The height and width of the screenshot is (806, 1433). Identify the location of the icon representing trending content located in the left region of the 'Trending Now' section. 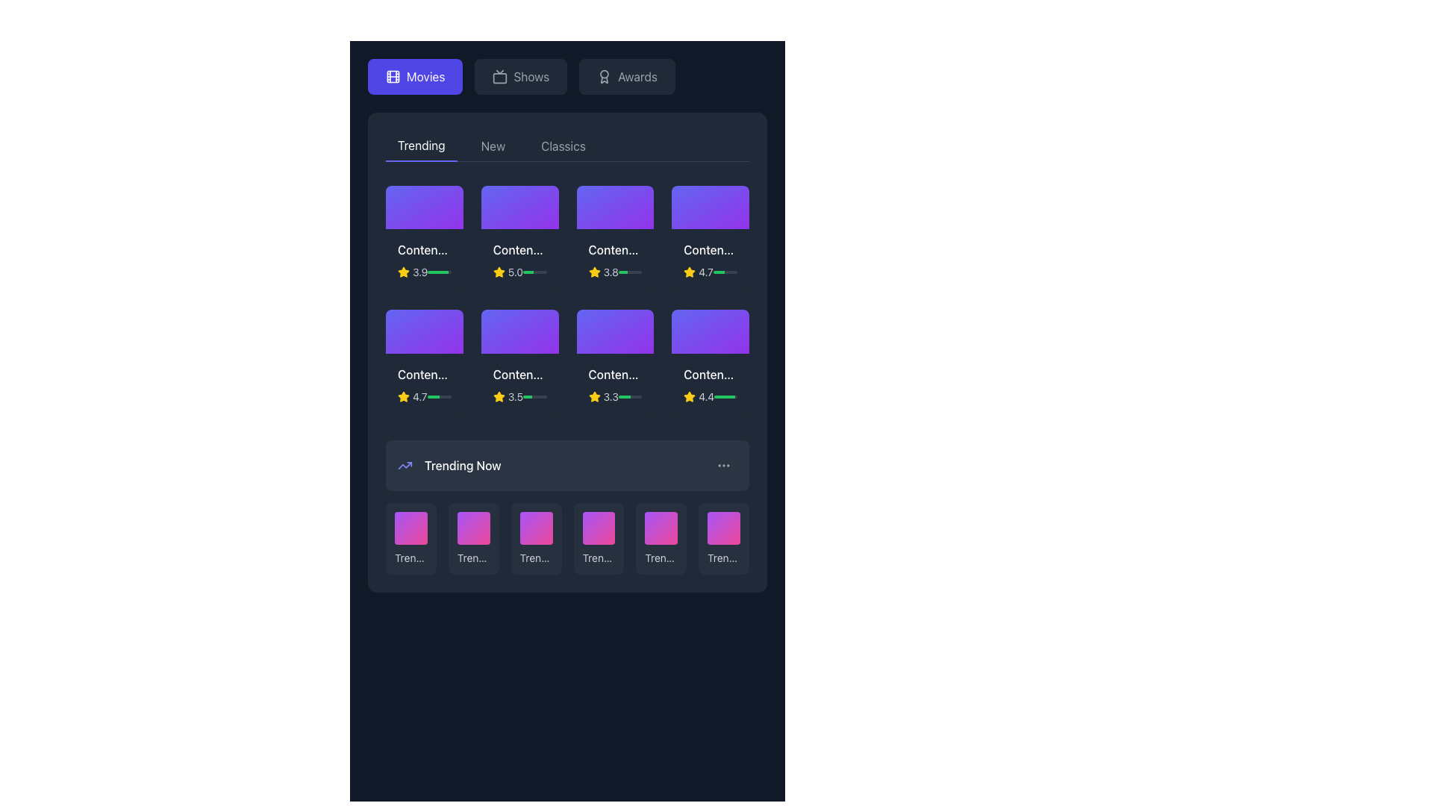
(405, 464).